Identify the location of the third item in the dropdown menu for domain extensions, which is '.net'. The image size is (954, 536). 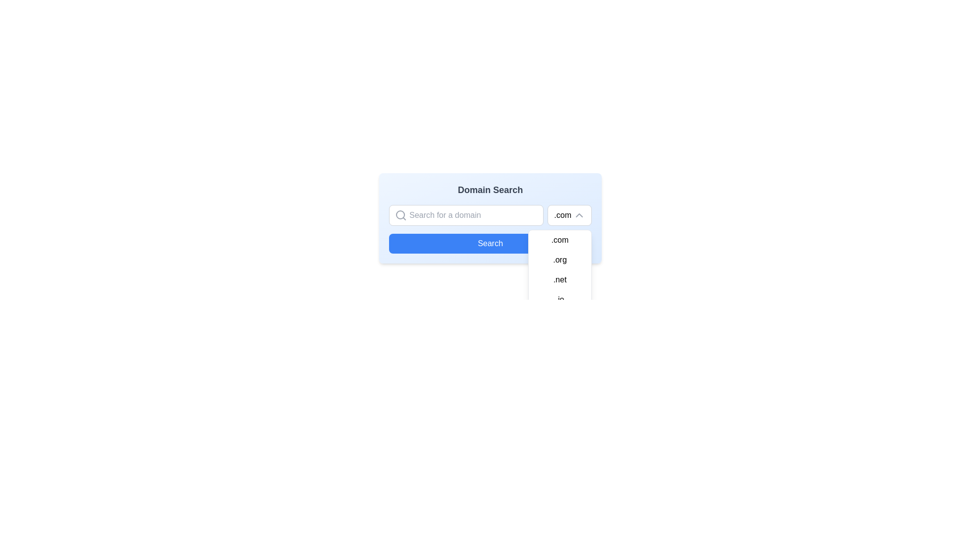
(560, 279).